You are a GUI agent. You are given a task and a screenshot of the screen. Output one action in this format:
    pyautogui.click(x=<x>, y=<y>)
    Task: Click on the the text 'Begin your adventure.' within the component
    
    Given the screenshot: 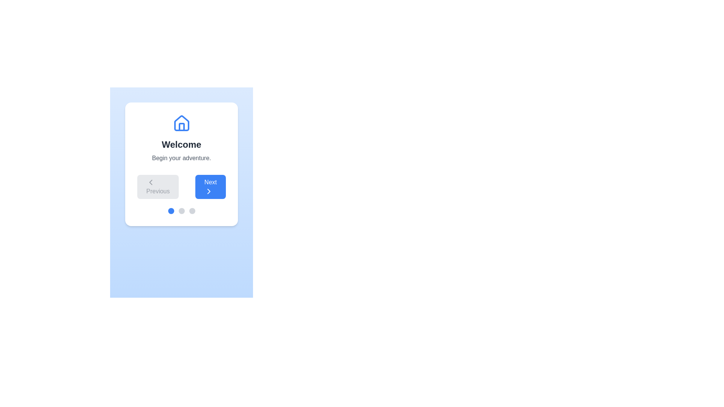 What is the action you would take?
    pyautogui.click(x=181, y=158)
    